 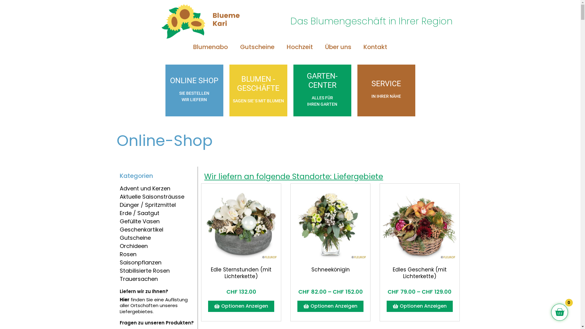 I want to click on 'Edles Geschenk (mit Lichterkette)', so click(x=419, y=272).